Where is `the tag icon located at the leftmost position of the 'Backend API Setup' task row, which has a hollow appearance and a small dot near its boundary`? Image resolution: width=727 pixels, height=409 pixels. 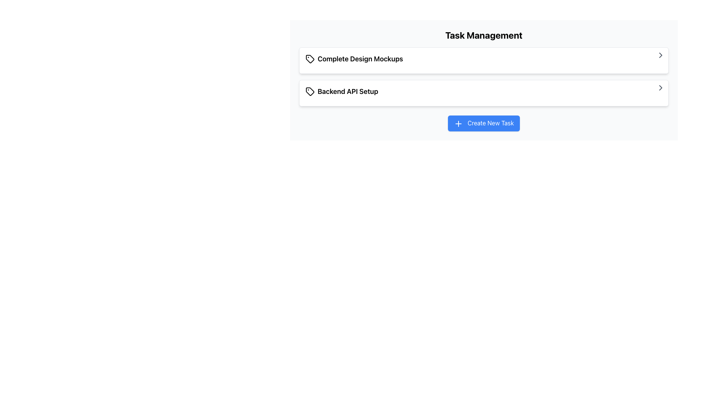
the tag icon located at the leftmost position of the 'Backend API Setup' task row, which has a hollow appearance and a small dot near its boundary is located at coordinates (310, 91).